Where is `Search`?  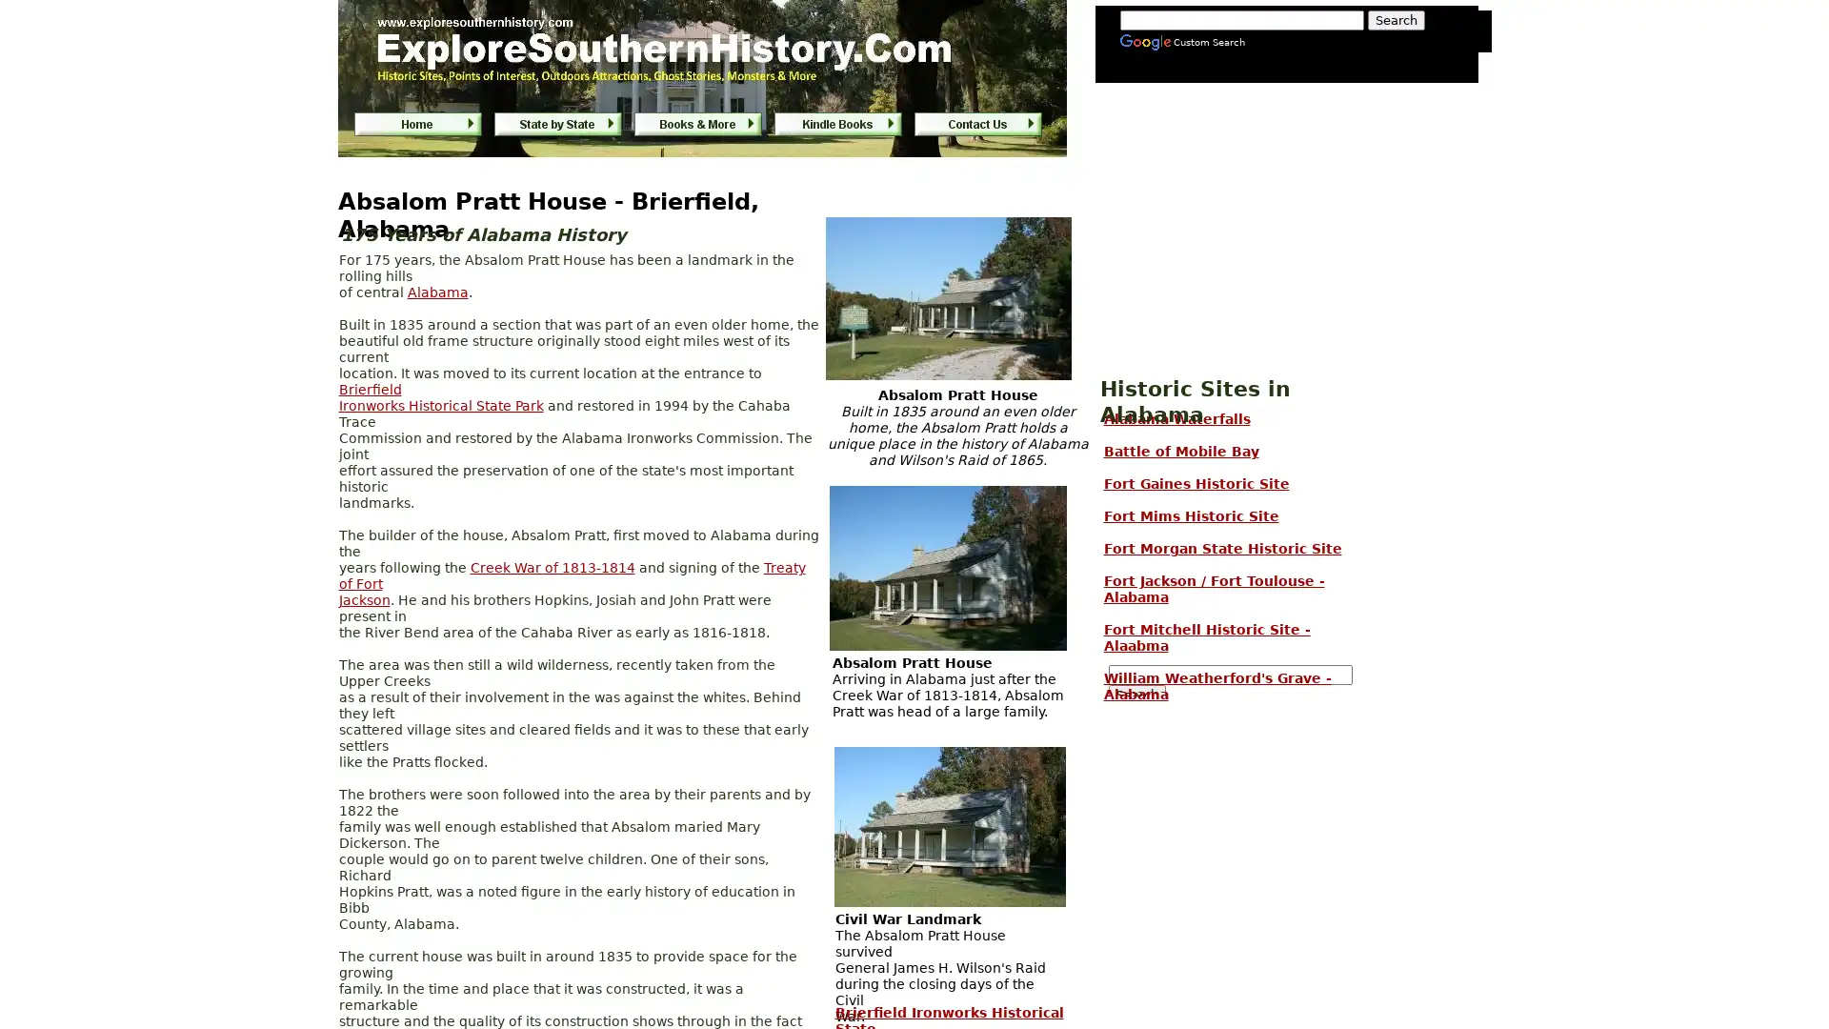 Search is located at coordinates (1395, 20).